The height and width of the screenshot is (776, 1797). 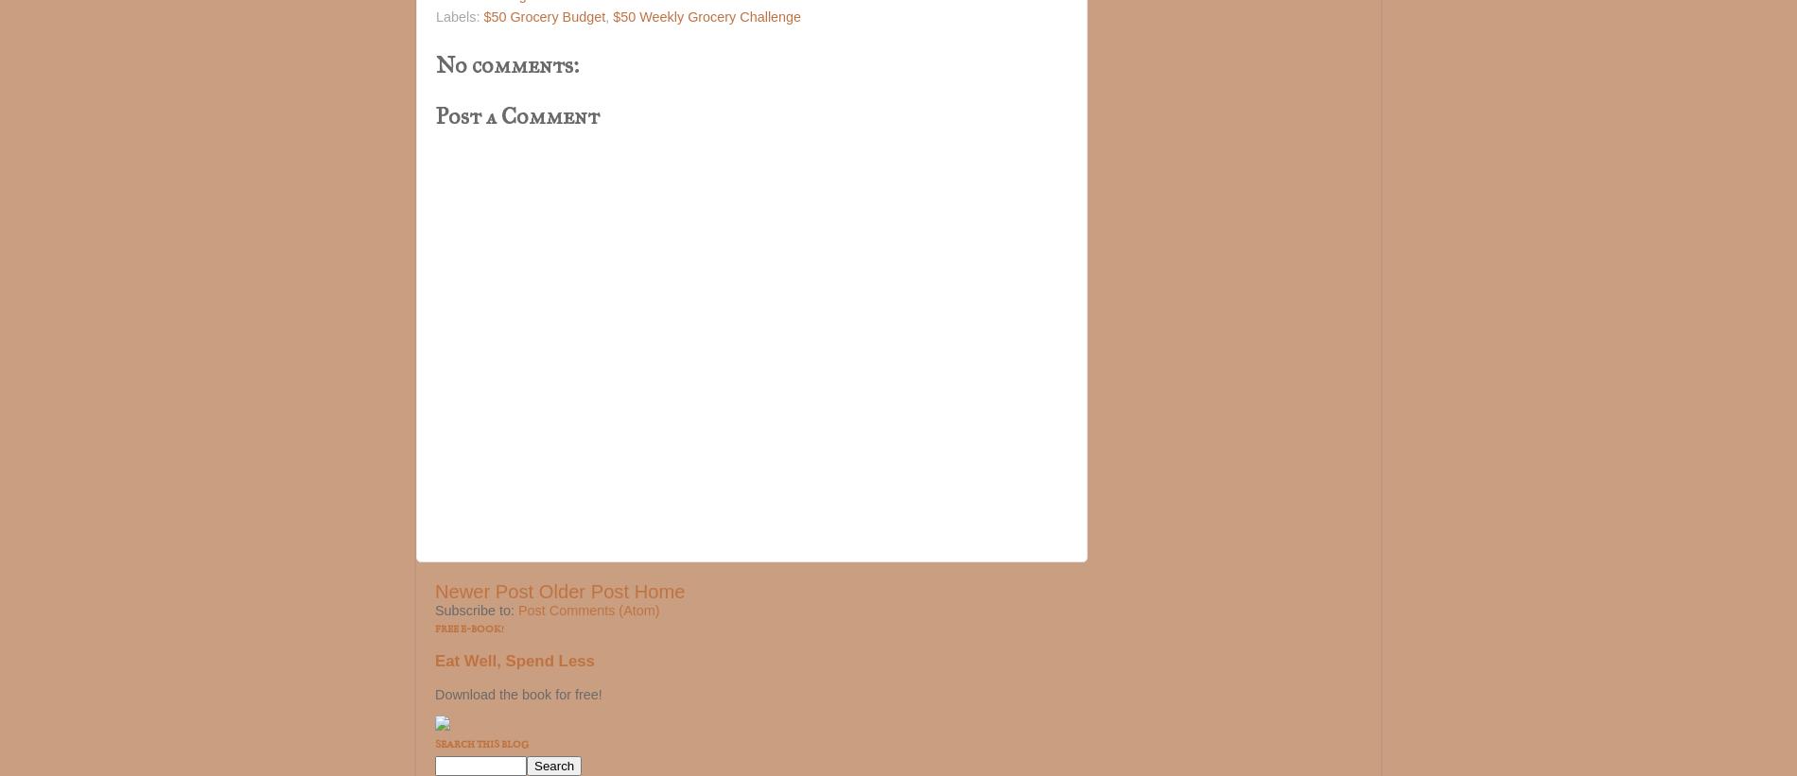 I want to click on '$50 Weekly Grocery Challenge', so click(x=613, y=14).